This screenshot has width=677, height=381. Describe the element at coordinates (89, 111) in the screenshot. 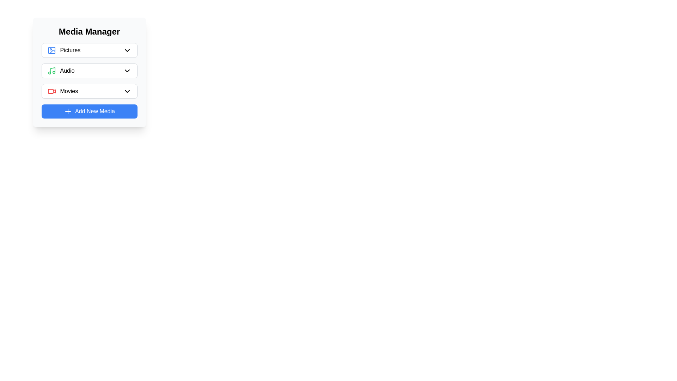

I see `the 'Add New Media' button, which is a rectangular button with a blue background and white text, located at the bottom of the 'Media Manager' section` at that location.